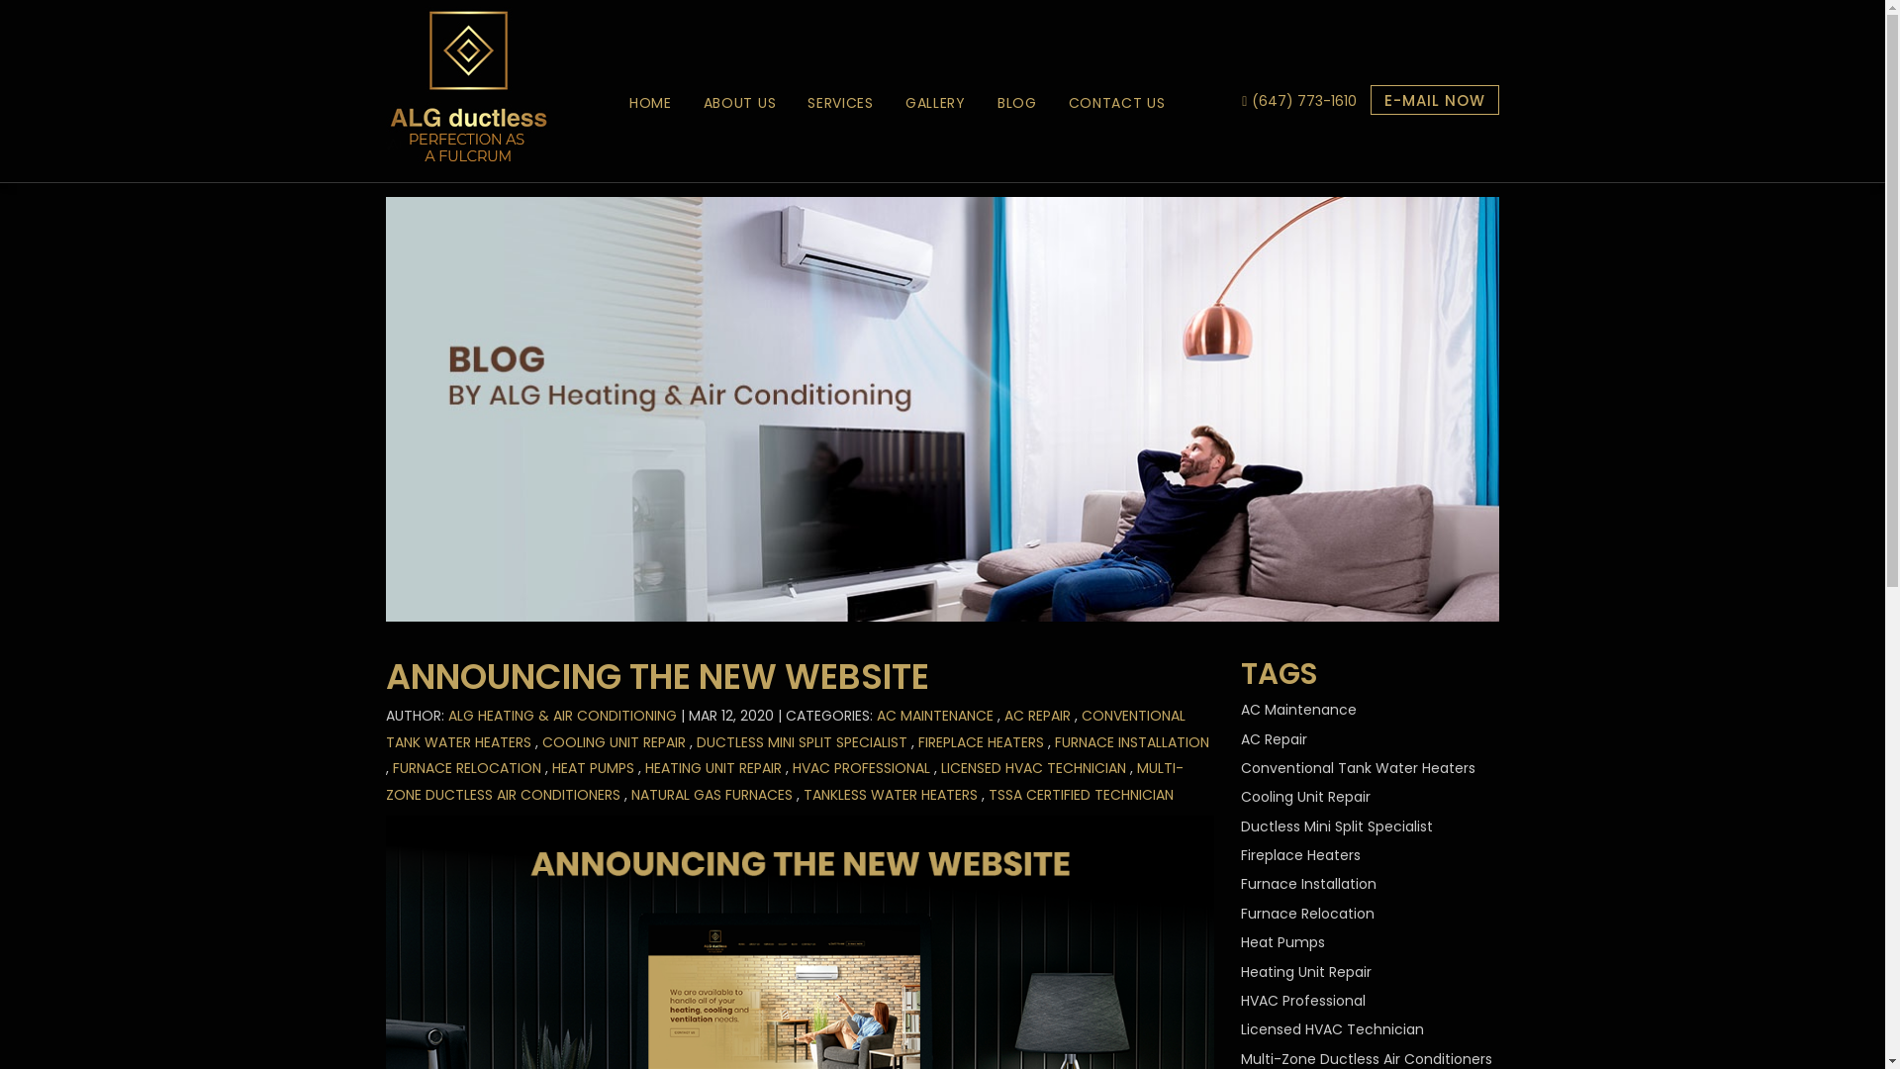 The width and height of the screenshot is (1900, 1069). Describe the element at coordinates (630, 793) in the screenshot. I see `'NATURAL GAS FURNACES'` at that location.